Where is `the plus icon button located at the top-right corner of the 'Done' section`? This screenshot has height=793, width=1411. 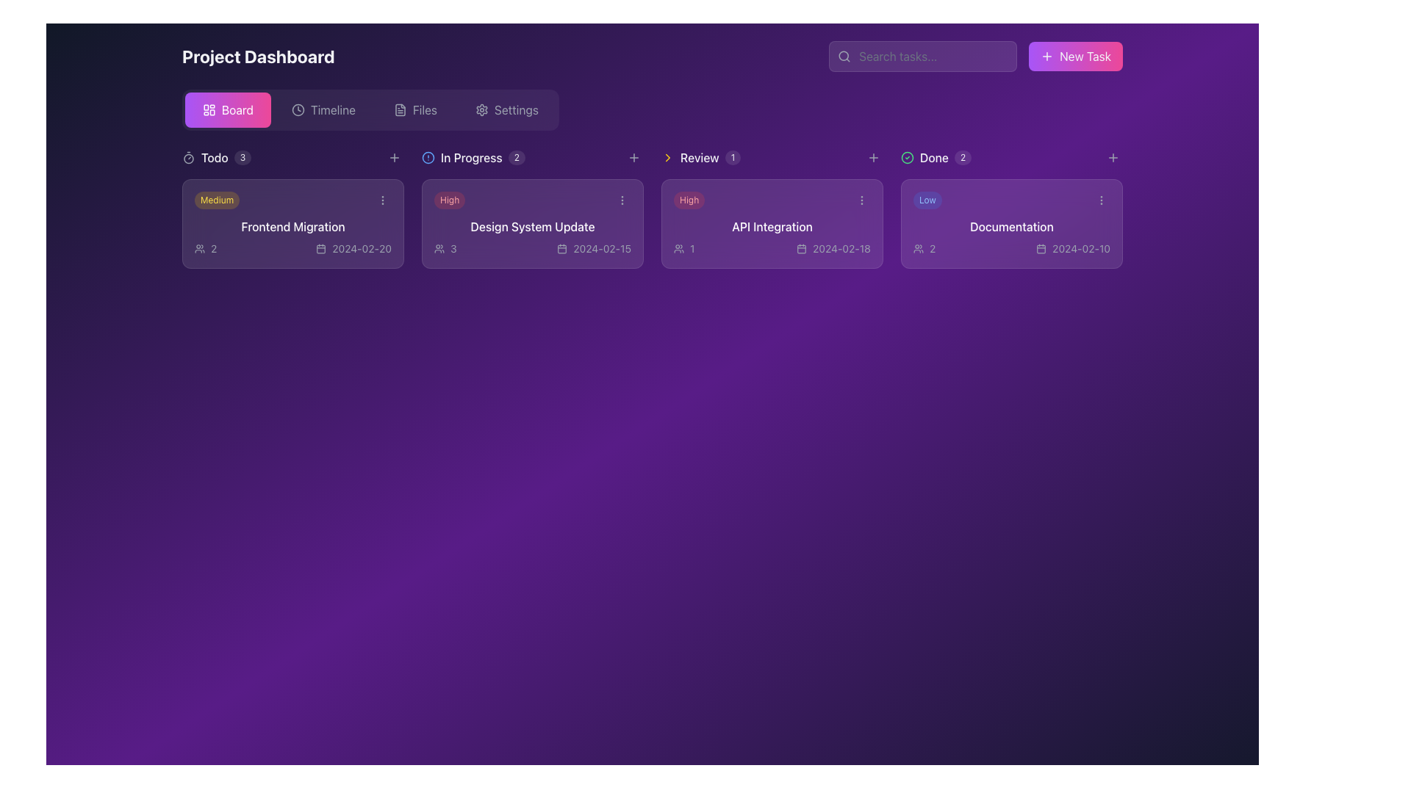 the plus icon button located at the top-right corner of the 'Done' section is located at coordinates (1113, 158).